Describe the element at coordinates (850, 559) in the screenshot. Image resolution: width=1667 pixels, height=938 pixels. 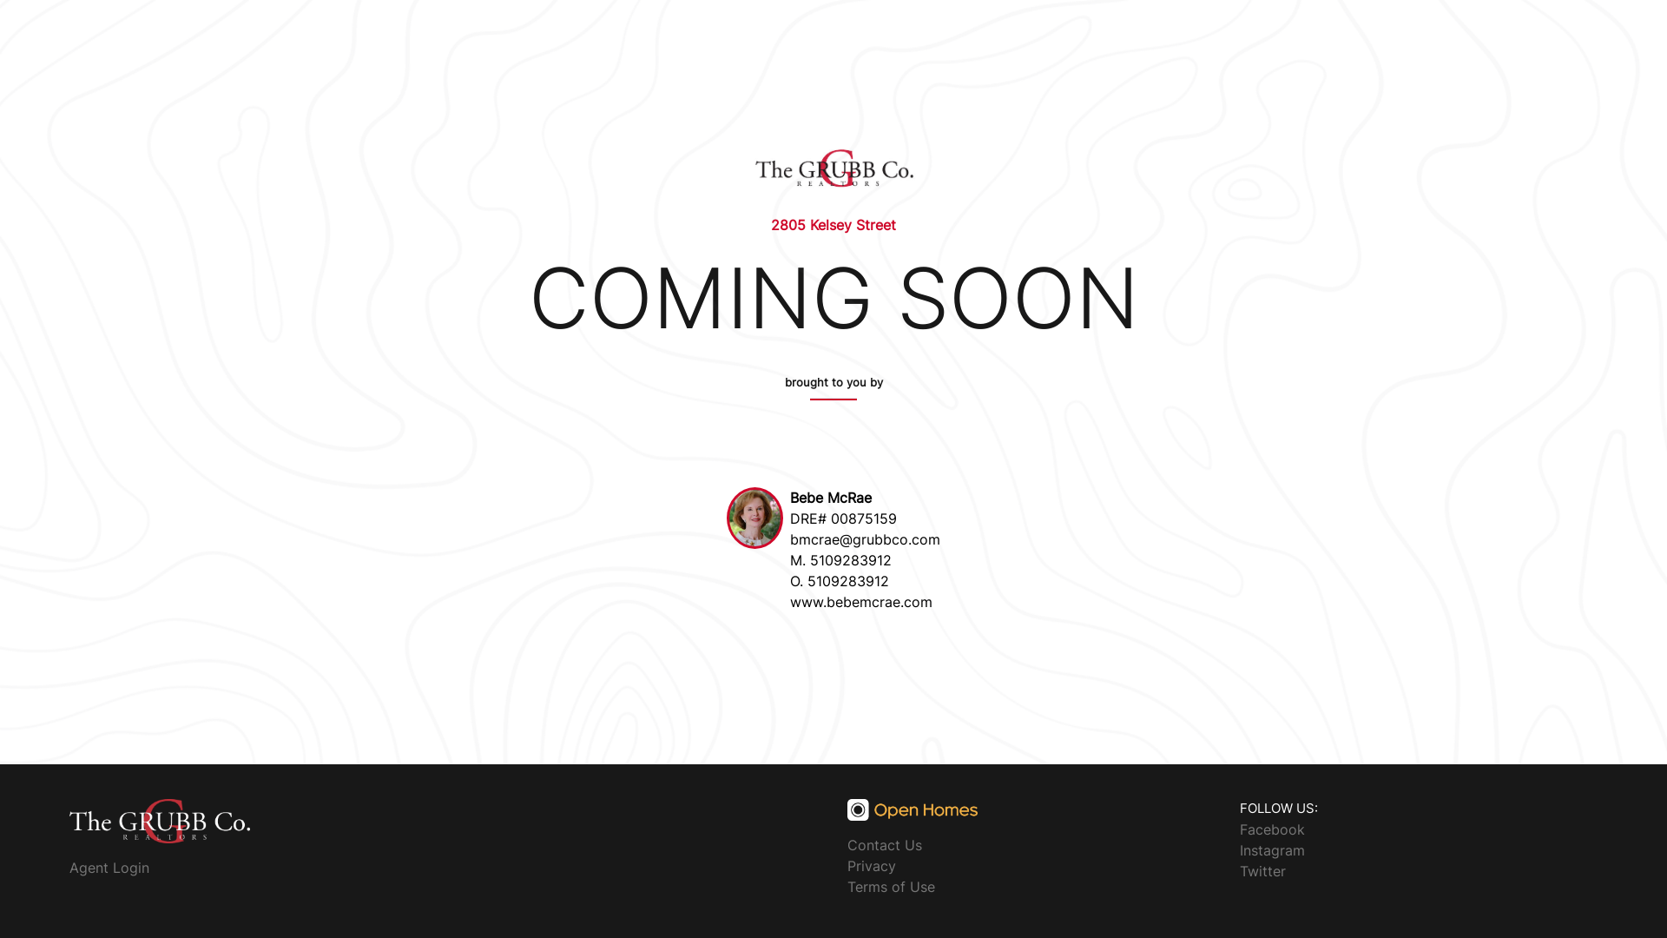
I see `'5109283912'` at that location.